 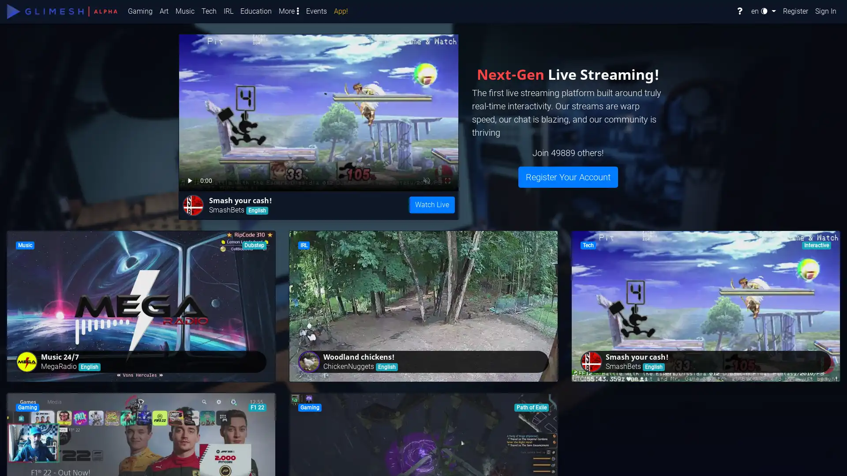 I want to click on pause, so click(x=190, y=179).